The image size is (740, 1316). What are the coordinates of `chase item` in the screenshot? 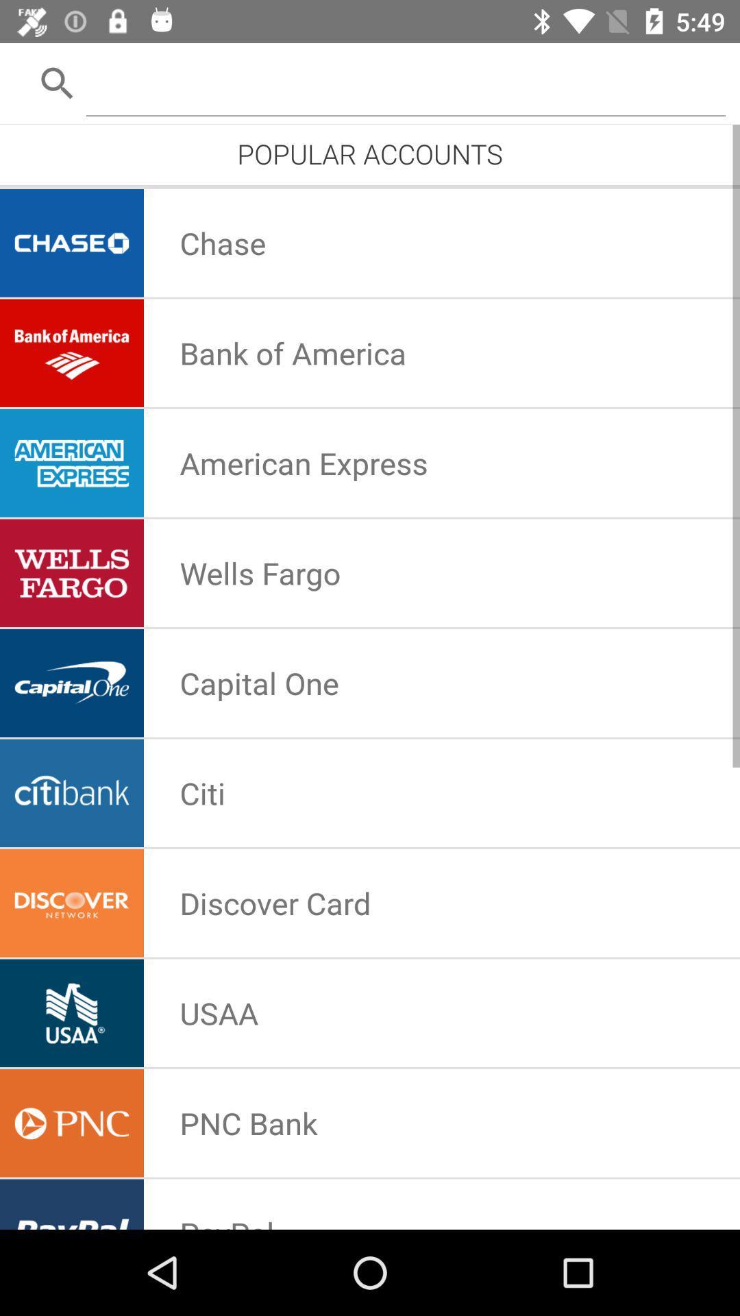 It's located at (222, 243).